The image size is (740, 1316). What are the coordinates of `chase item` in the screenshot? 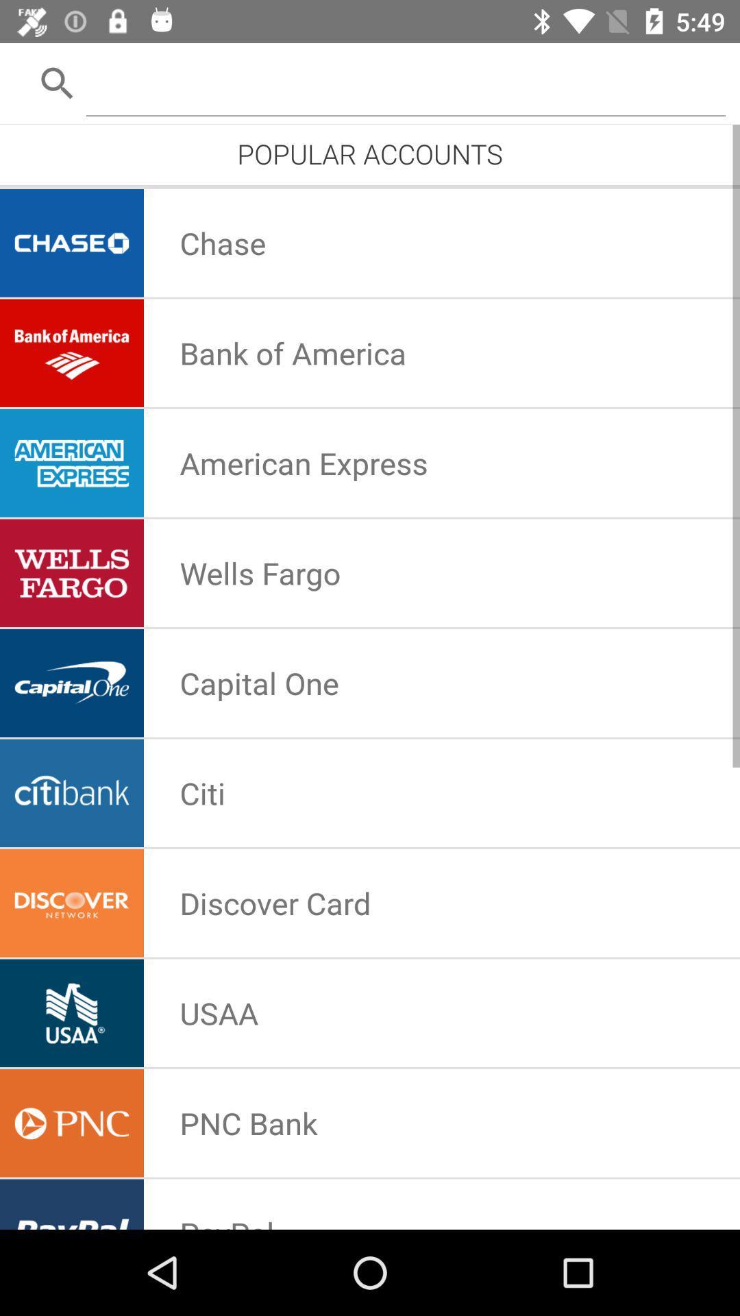 It's located at (222, 243).